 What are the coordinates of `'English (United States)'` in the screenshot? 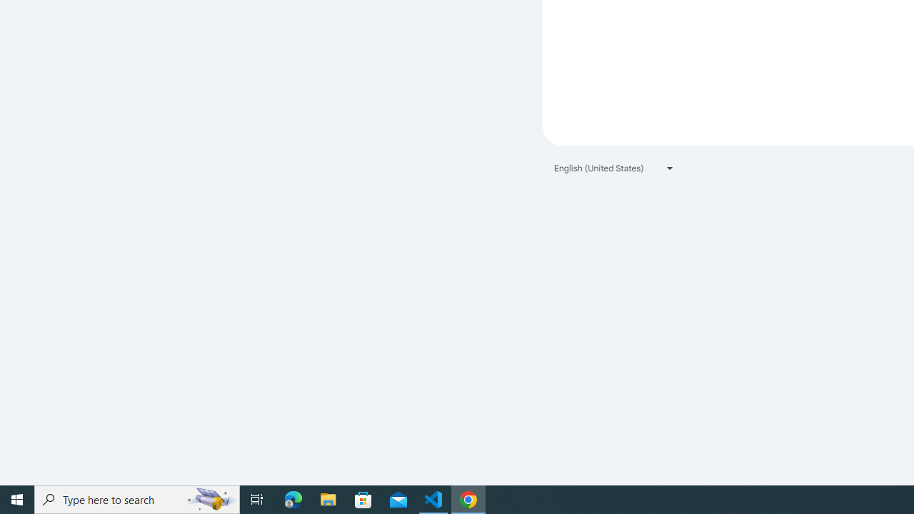 It's located at (614, 167).